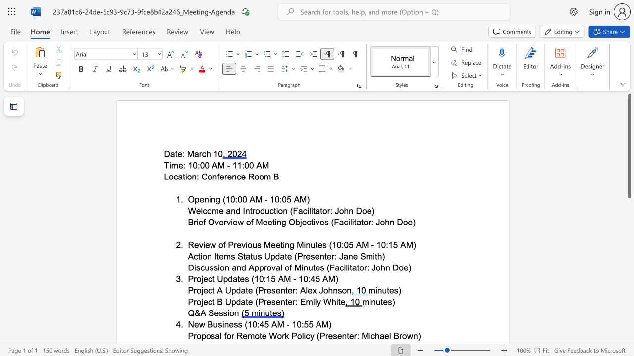  Describe the element at coordinates (414, 222) in the screenshot. I see `the 1th character ")" in the text` at that location.